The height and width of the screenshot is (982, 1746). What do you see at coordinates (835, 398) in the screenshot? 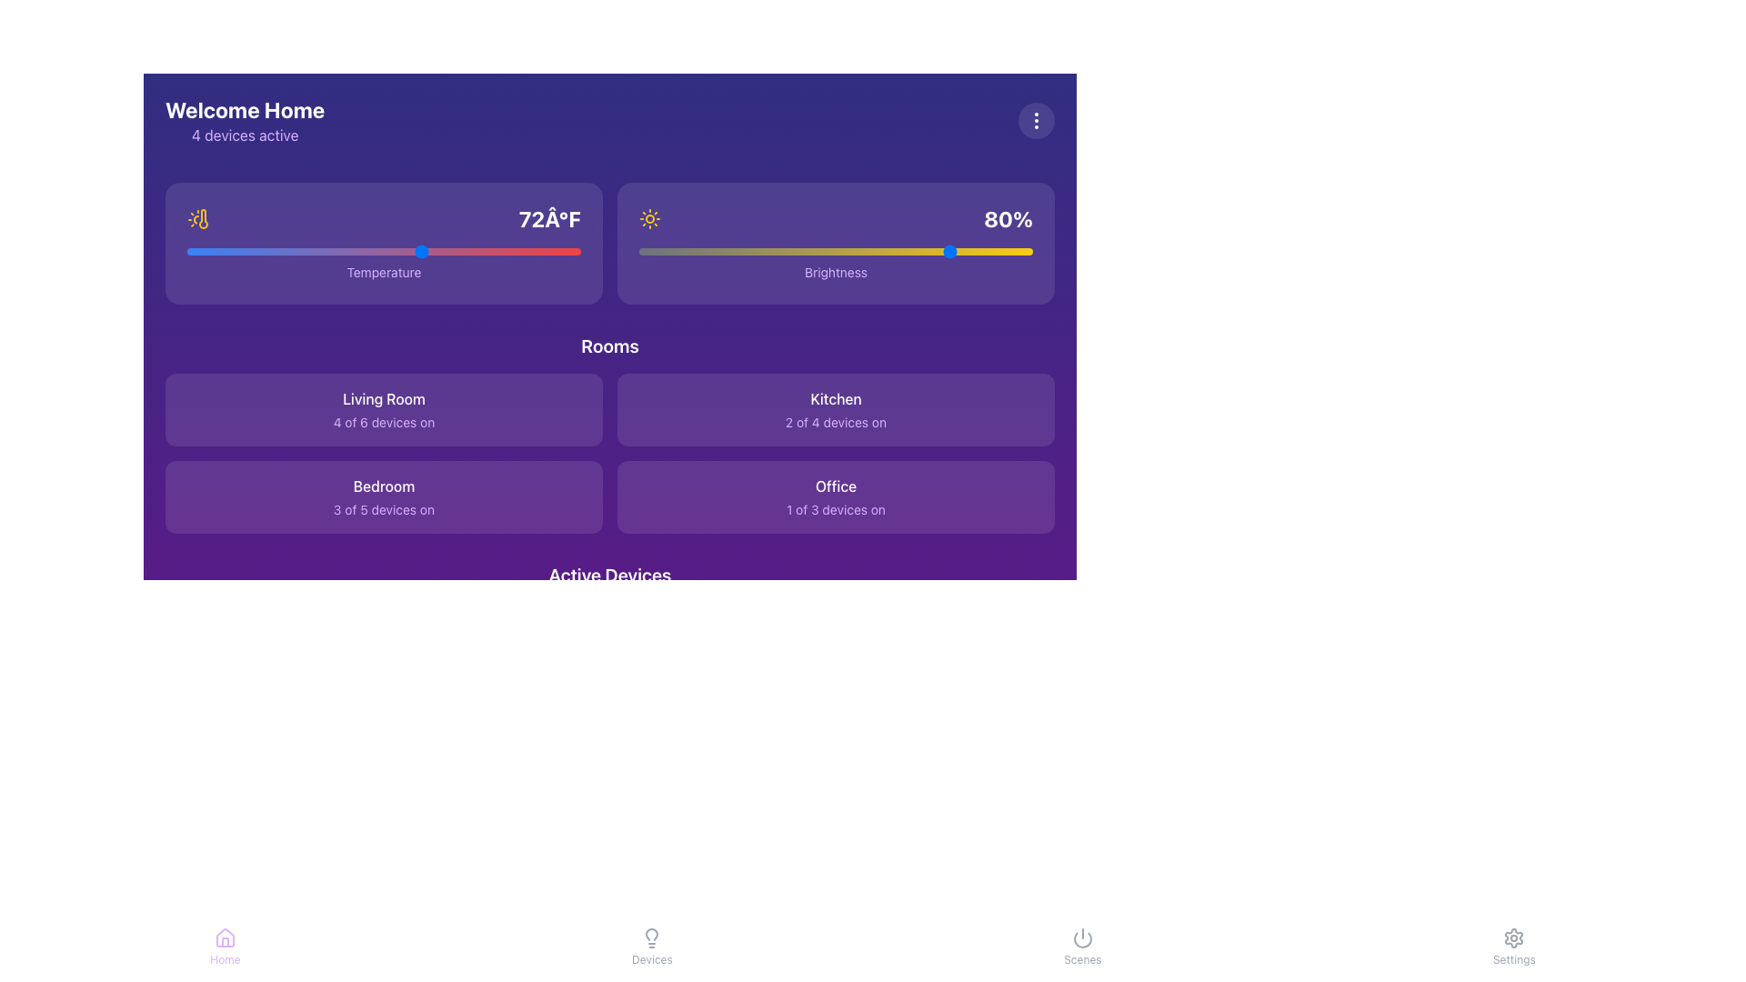
I see `the 'Kitchen' text label displayed in a medium font weight, centered within a rectangular card with a semi-transparent white overlay and a purple background, located in the top-right card of the 'Rooms' section` at bounding box center [835, 398].